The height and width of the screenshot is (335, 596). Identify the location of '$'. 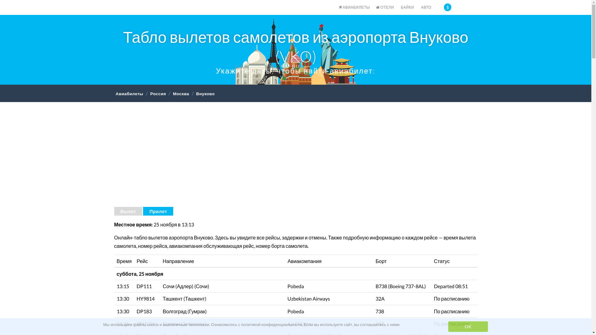
(447, 7).